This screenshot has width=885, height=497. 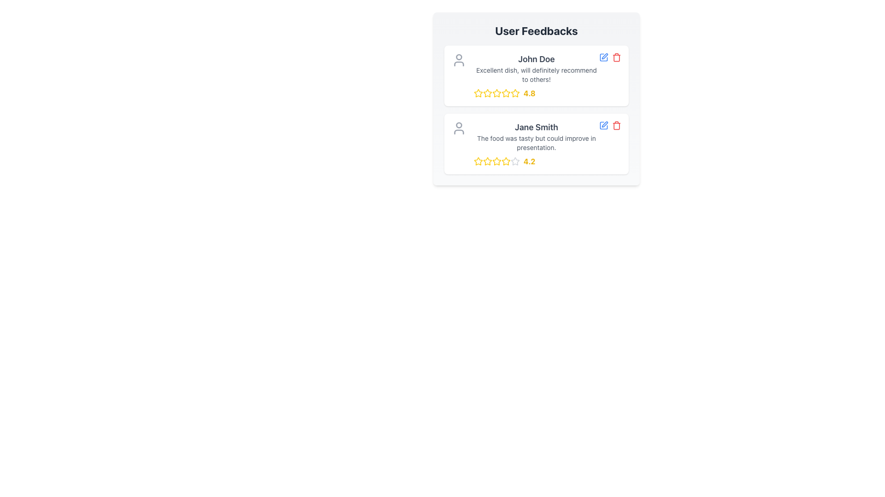 What do you see at coordinates (478, 161) in the screenshot?
I see `the first yellow star-shaped icon in the rating system located below the feedback for 'Jane Smith' in the second feedback card` at bounding box center [478, 161].